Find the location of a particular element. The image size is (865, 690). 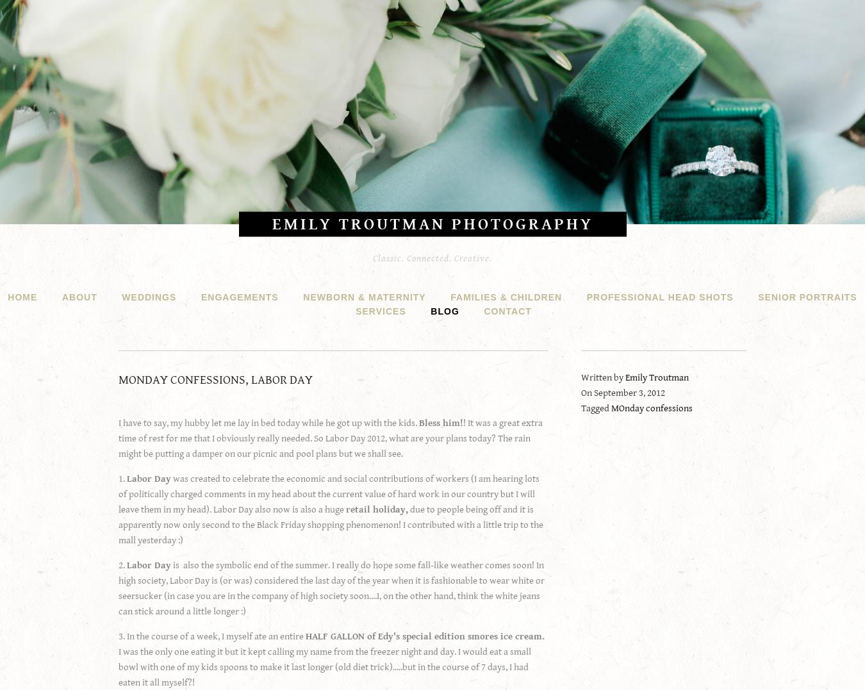

'Newborn & Maternity' is located at coordinates (364, 297).